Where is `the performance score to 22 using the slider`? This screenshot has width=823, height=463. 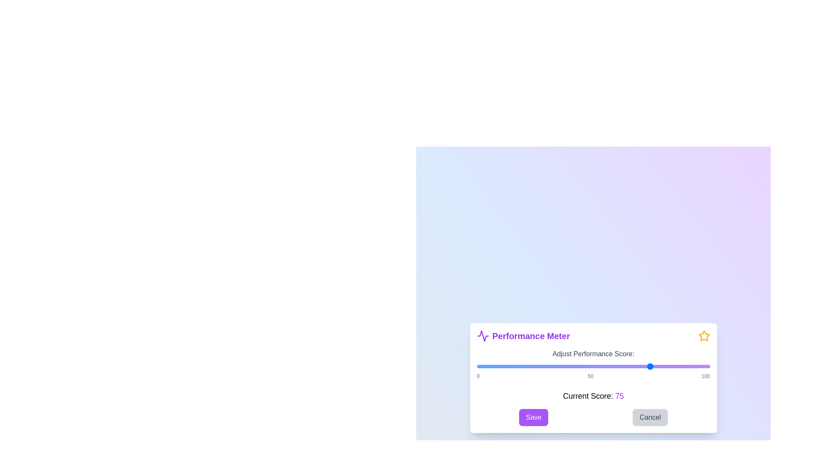
the performance score to 22 using the slider is located at coordinates (528, 367).